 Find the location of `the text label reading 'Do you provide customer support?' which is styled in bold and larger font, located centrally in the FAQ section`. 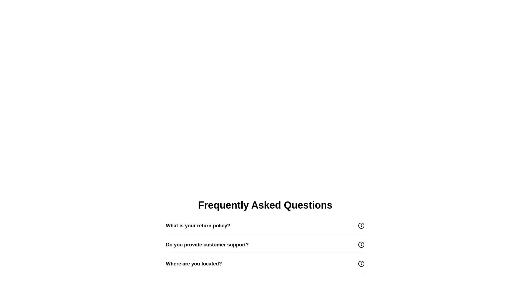

the text label reading 'Do you provide customer support?' which is styled in bold and larger font, located centrally in the FAQ section is located at coordinates (207, 244).